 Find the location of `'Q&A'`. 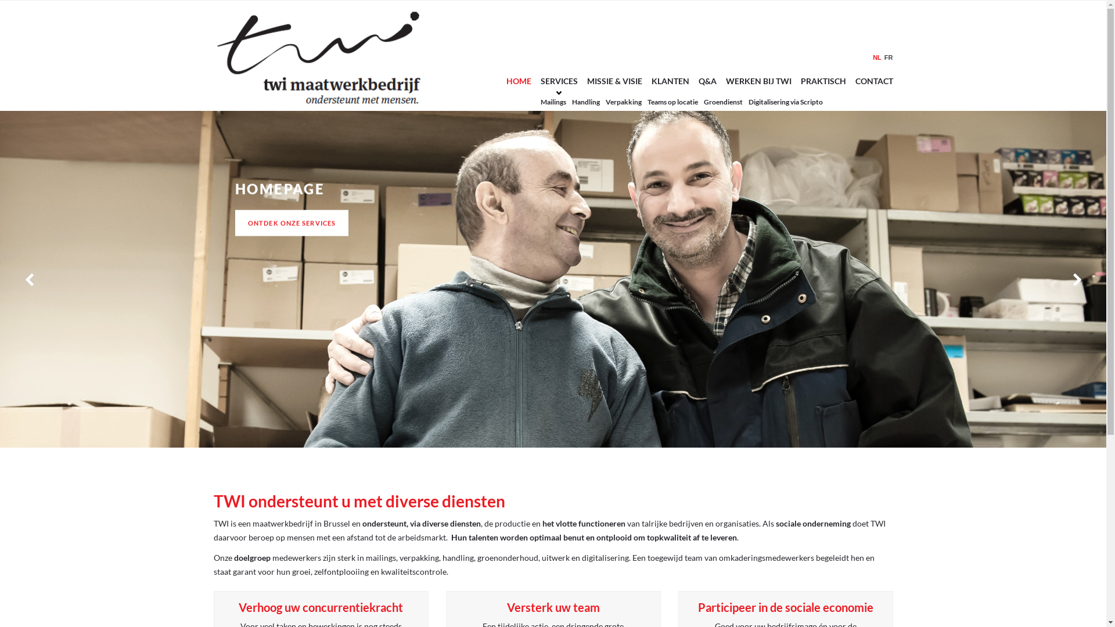

'Q&A' is located at coordinates (706, 81).